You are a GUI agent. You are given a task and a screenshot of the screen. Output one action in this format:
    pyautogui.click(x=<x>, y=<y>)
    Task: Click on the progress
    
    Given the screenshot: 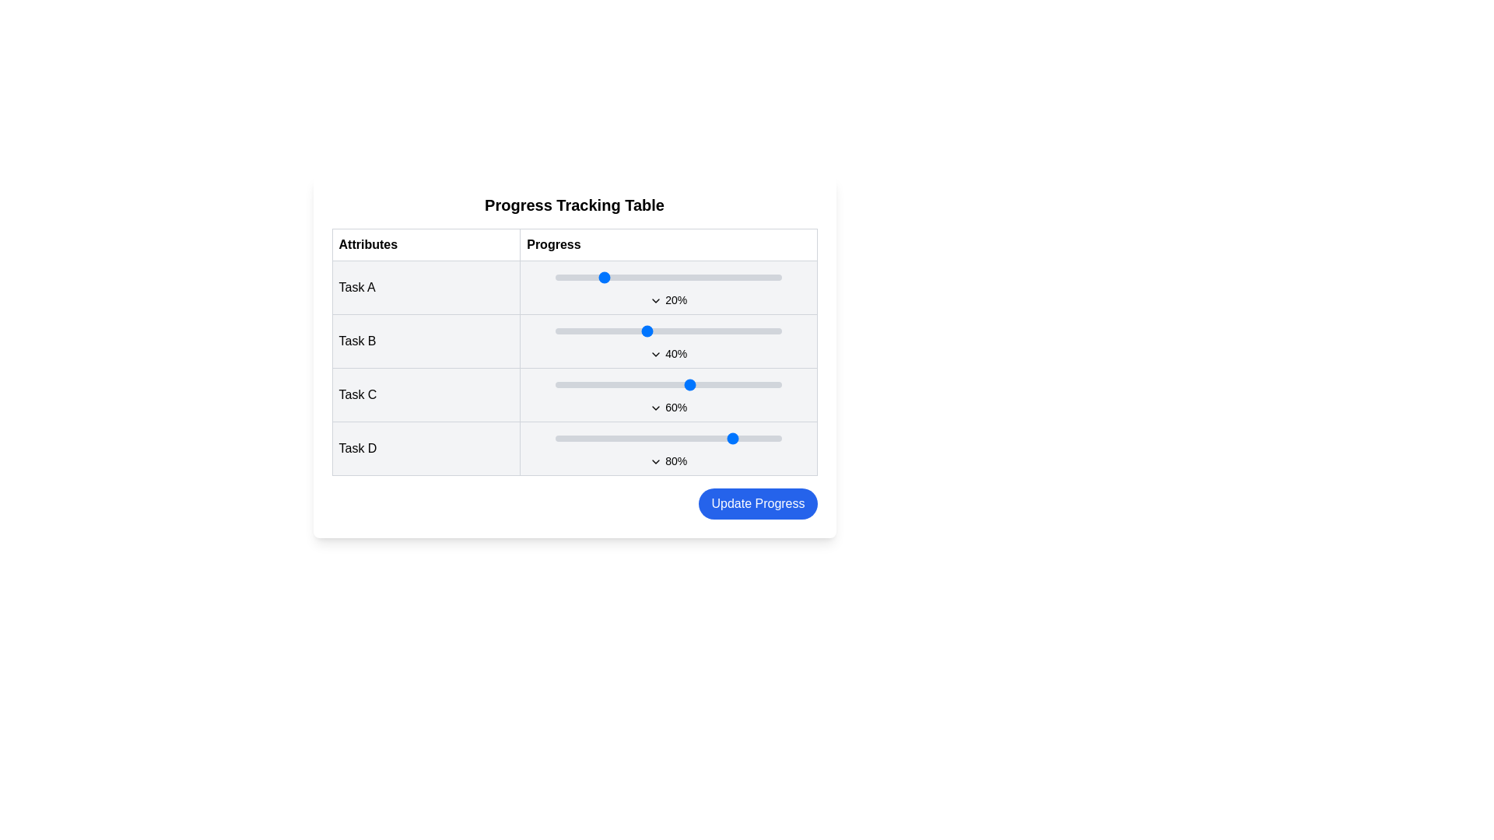 What is the action you would take?
    pyautogui.click(x=729, y=330)
    